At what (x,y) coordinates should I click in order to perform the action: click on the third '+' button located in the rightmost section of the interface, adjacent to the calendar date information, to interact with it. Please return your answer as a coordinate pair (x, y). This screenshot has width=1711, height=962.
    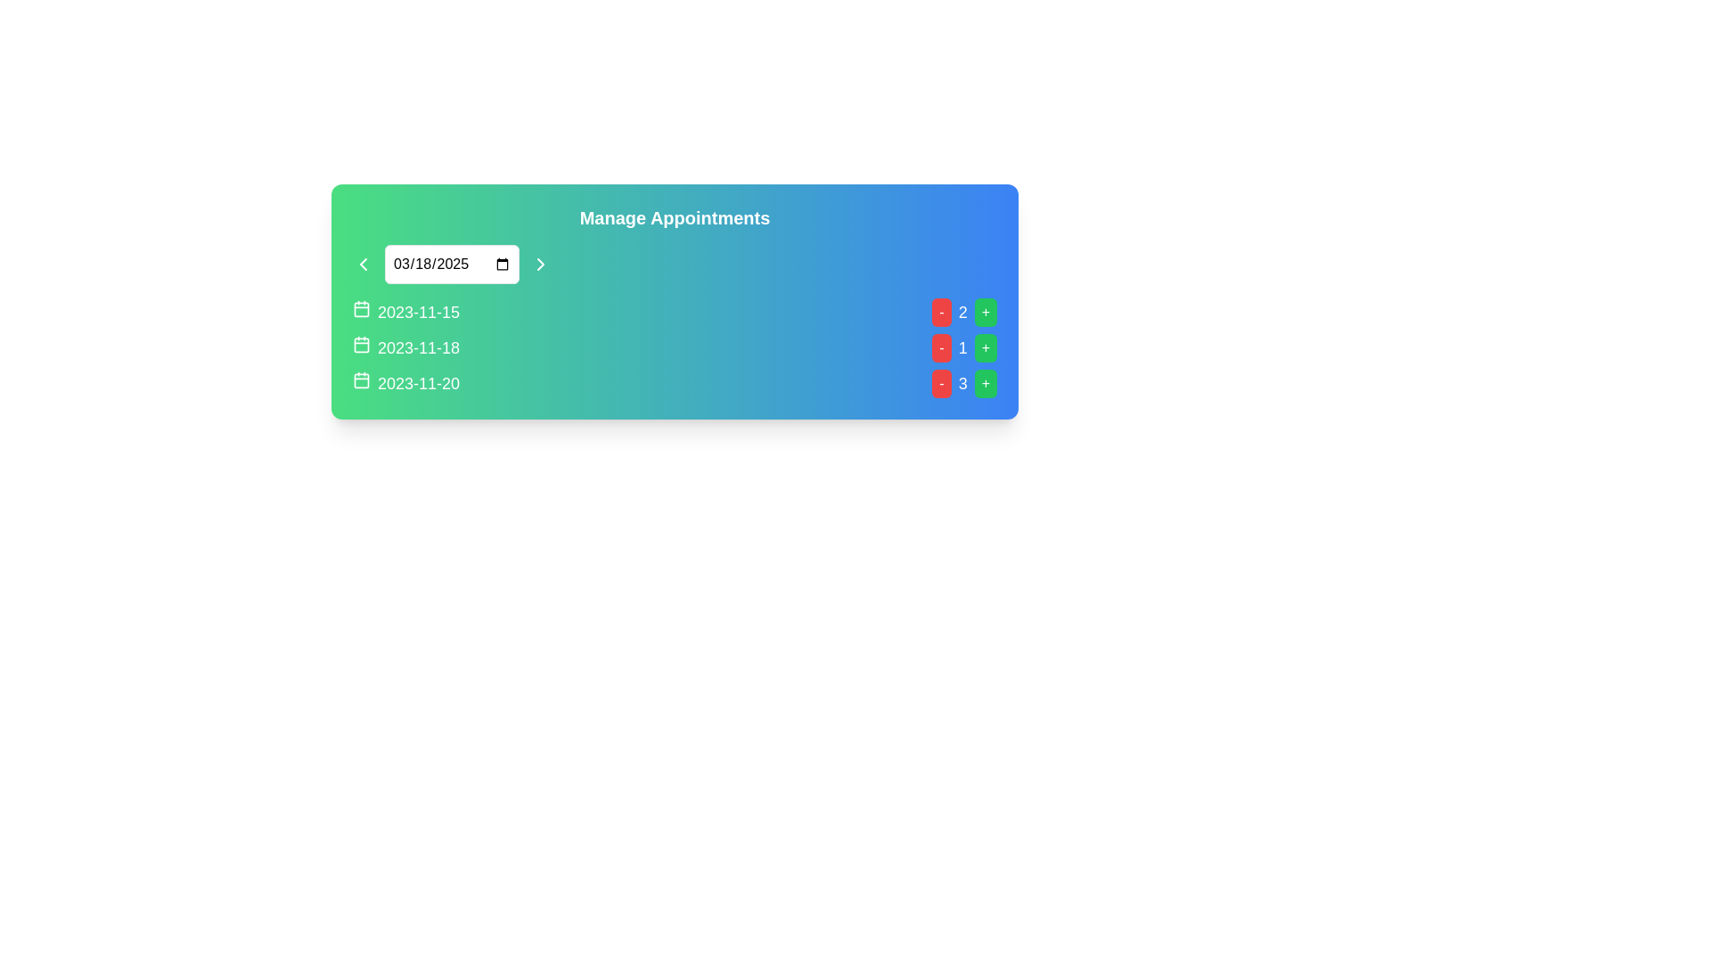
    Looking at the image, I should click on (985, 383).